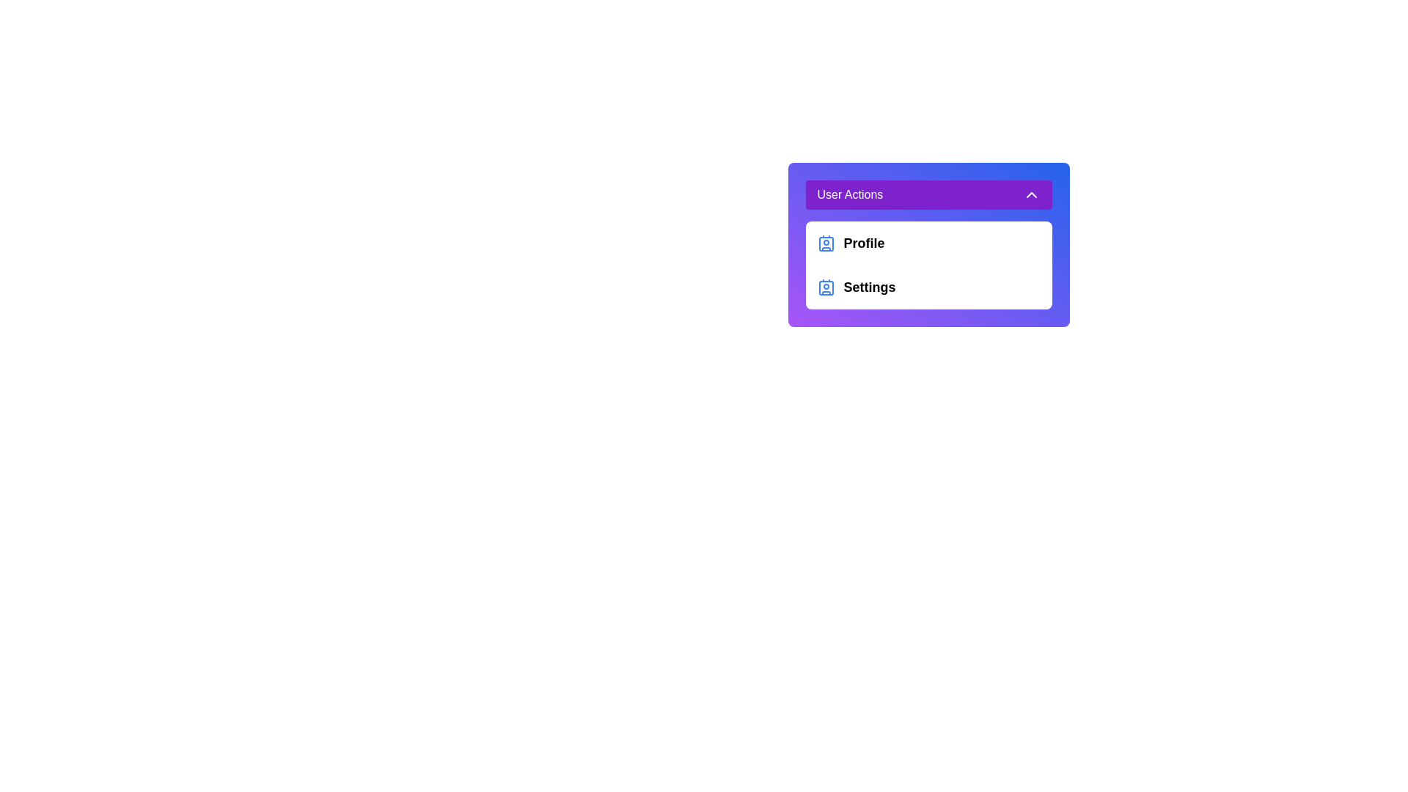  What do you see at coordinates (869, 287) in the screenshot?
I see `the 'Settings' text label in the 'User Actions' dropdown menu, which is styled in bold and is located to the right of the blue contact card icon` at bounding box center [869, 287].